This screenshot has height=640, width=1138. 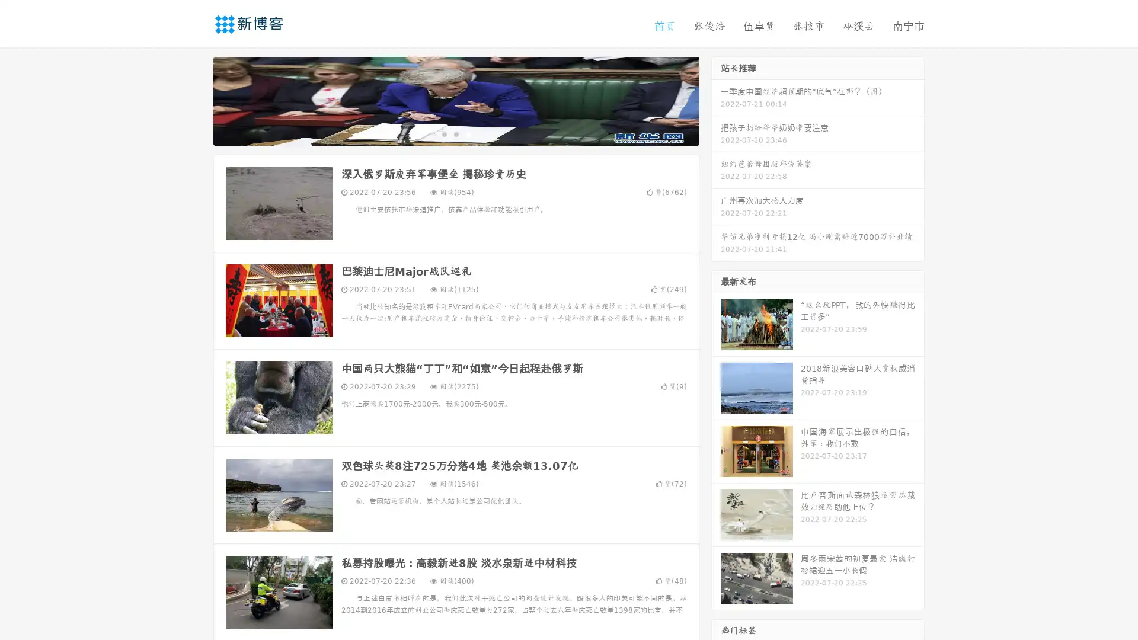 I want to click on Previous slide, so click(x=196, y=100).